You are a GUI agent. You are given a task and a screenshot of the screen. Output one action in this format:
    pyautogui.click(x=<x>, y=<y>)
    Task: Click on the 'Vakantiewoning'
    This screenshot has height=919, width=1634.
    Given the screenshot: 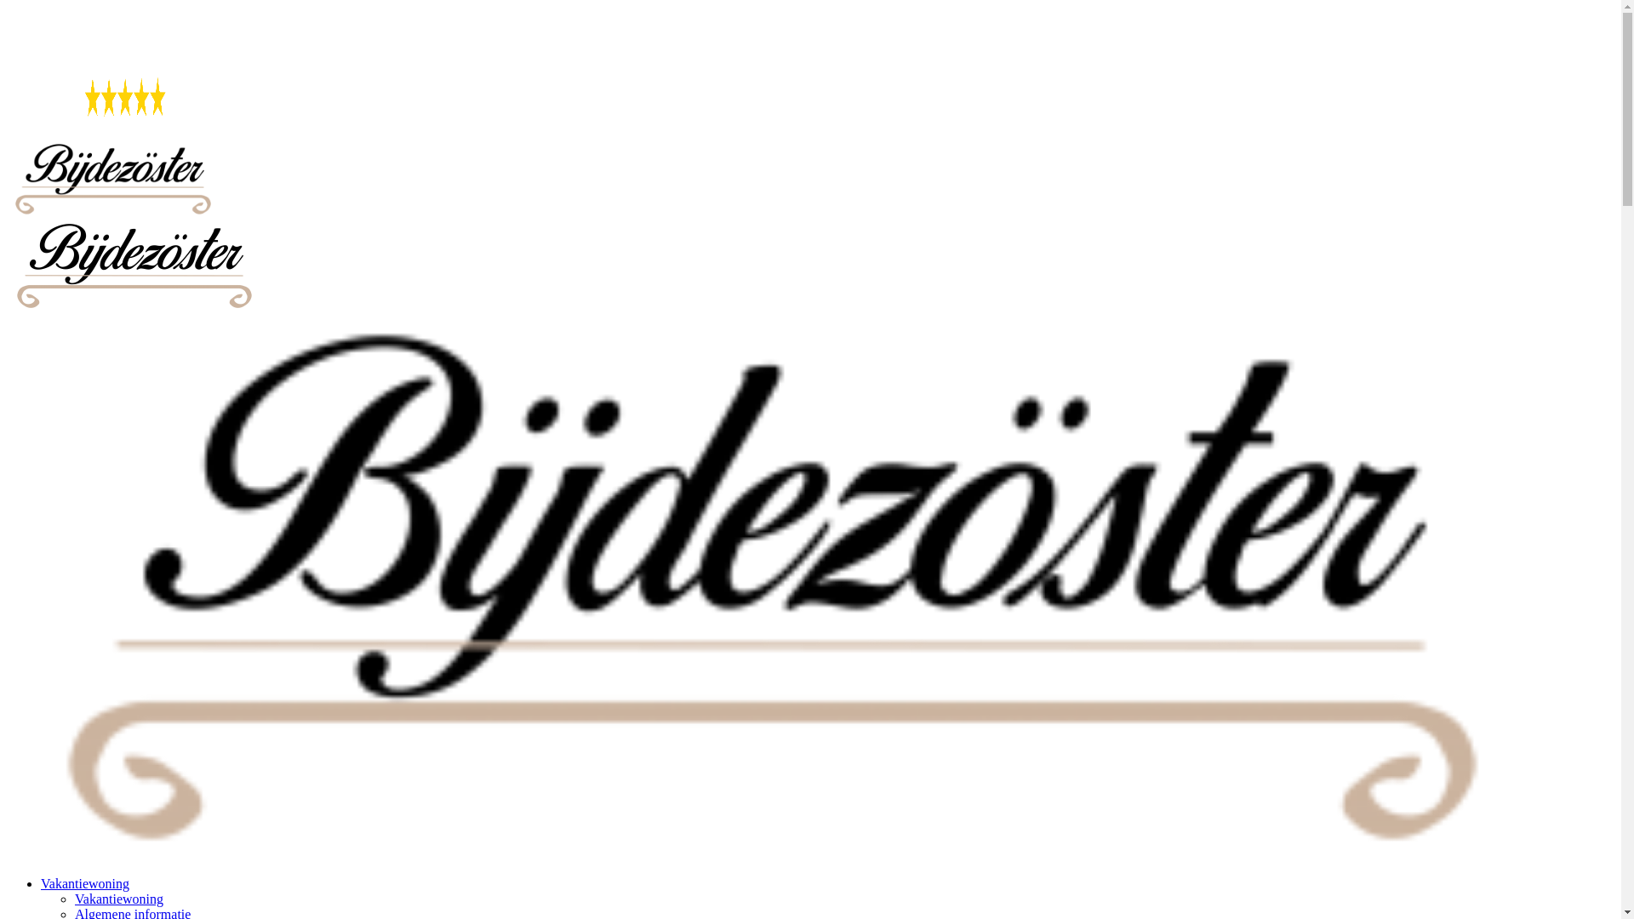 What is the action you would take?
    pyautogui.click(x=41, y=882)
    